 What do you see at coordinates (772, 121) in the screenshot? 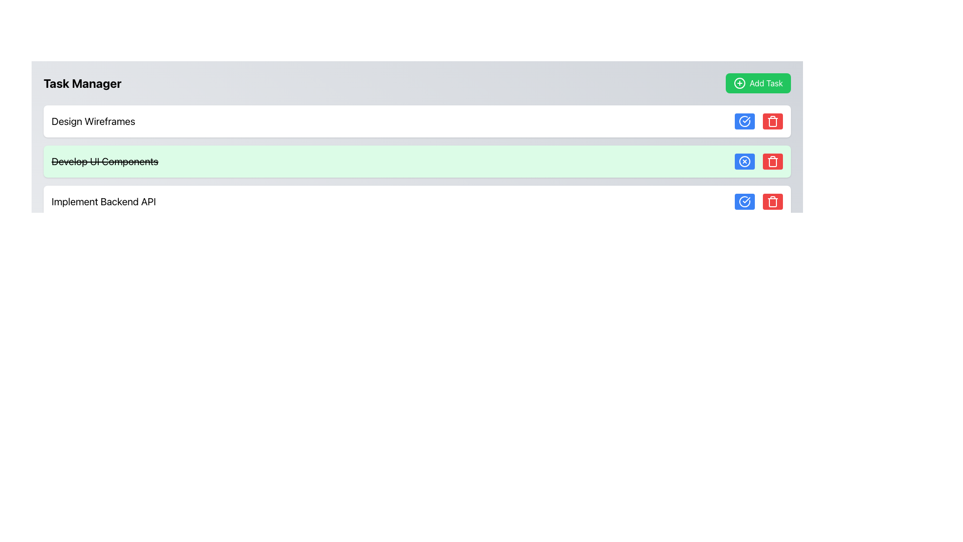
I see `the delete icon located within the red background button on the right side of the second row in the task list` at bounding box center [772, 121].